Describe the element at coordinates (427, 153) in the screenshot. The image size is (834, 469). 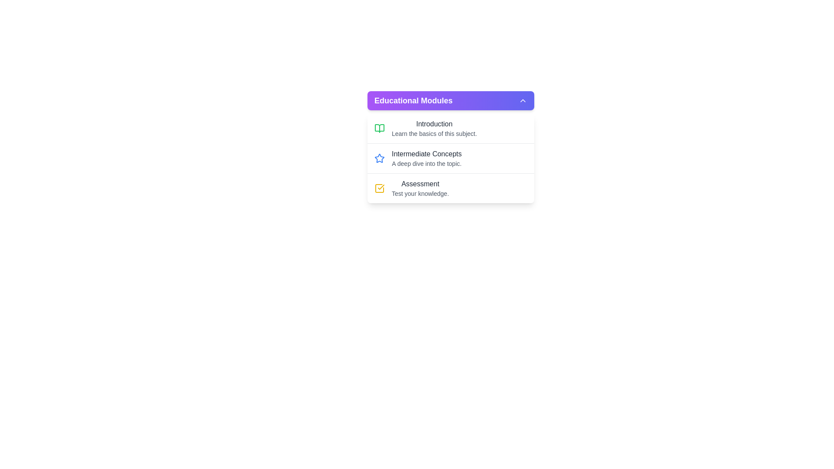
I see `the title text for the section labeled 'Intermediate Concepts', which is positioned above the text 'A deep dive into the topic.'` at that location.